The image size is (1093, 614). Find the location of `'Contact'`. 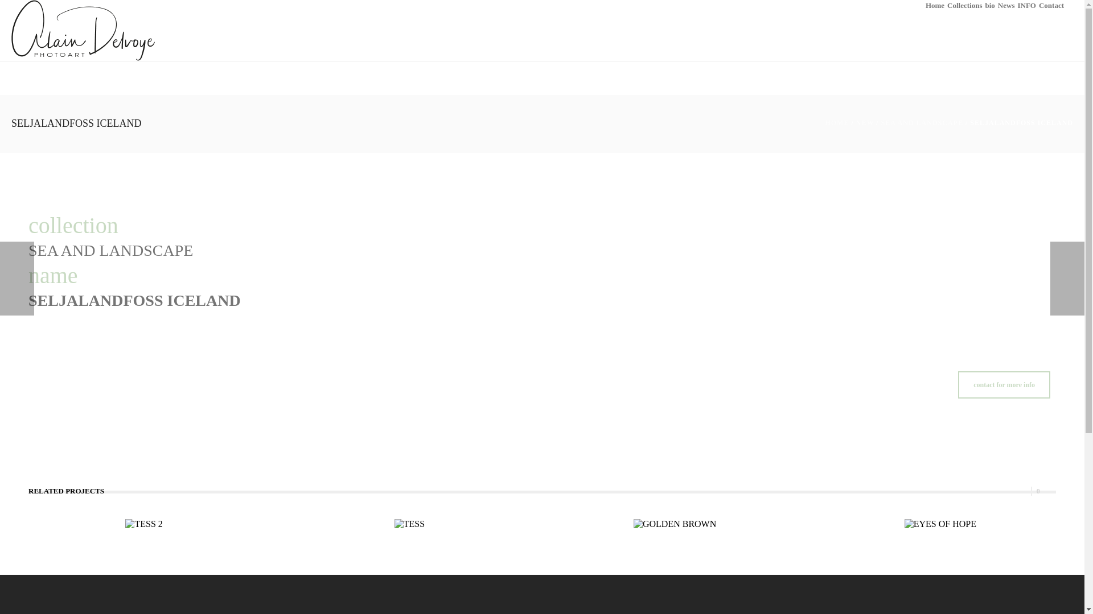

'Contact' is located at coordinates (1038, 6).